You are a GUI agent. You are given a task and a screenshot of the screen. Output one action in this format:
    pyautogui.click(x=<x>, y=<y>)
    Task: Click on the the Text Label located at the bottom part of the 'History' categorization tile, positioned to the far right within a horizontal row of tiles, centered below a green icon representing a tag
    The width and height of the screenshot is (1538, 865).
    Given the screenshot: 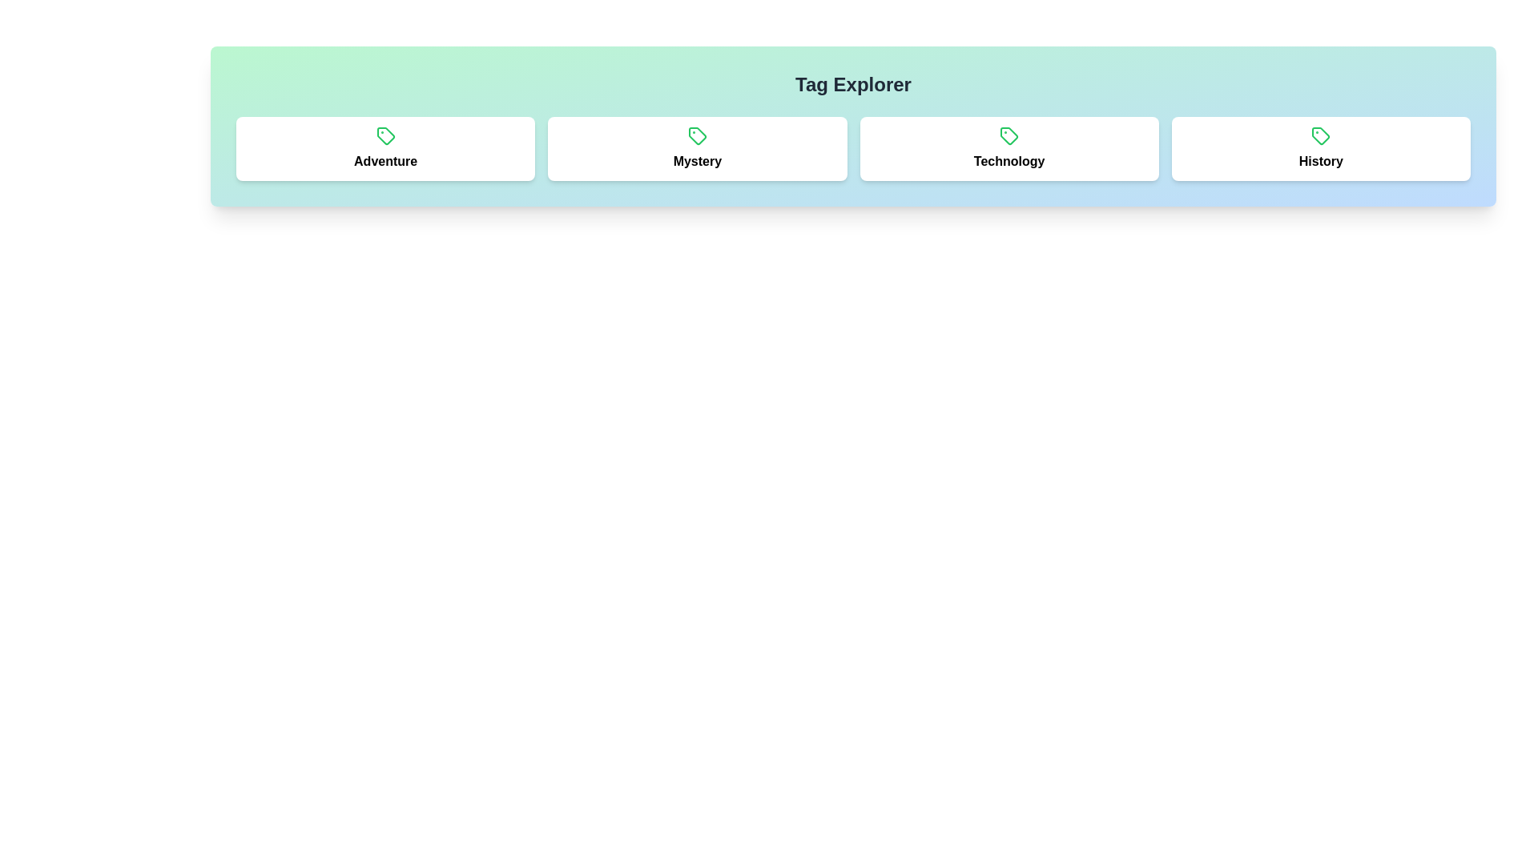 What is the action you would take?
    pyautogui.click(x=1321, y=161)
    